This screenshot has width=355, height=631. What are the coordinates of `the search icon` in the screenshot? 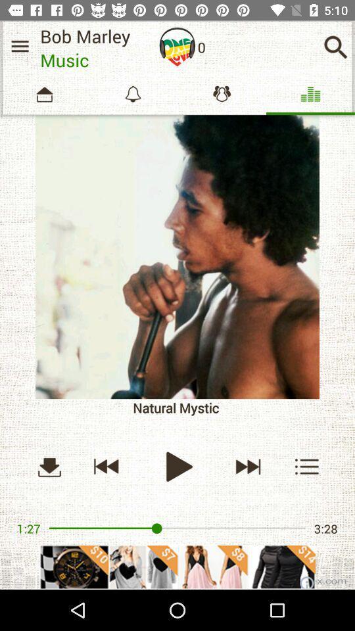 It's located at (335, 47).